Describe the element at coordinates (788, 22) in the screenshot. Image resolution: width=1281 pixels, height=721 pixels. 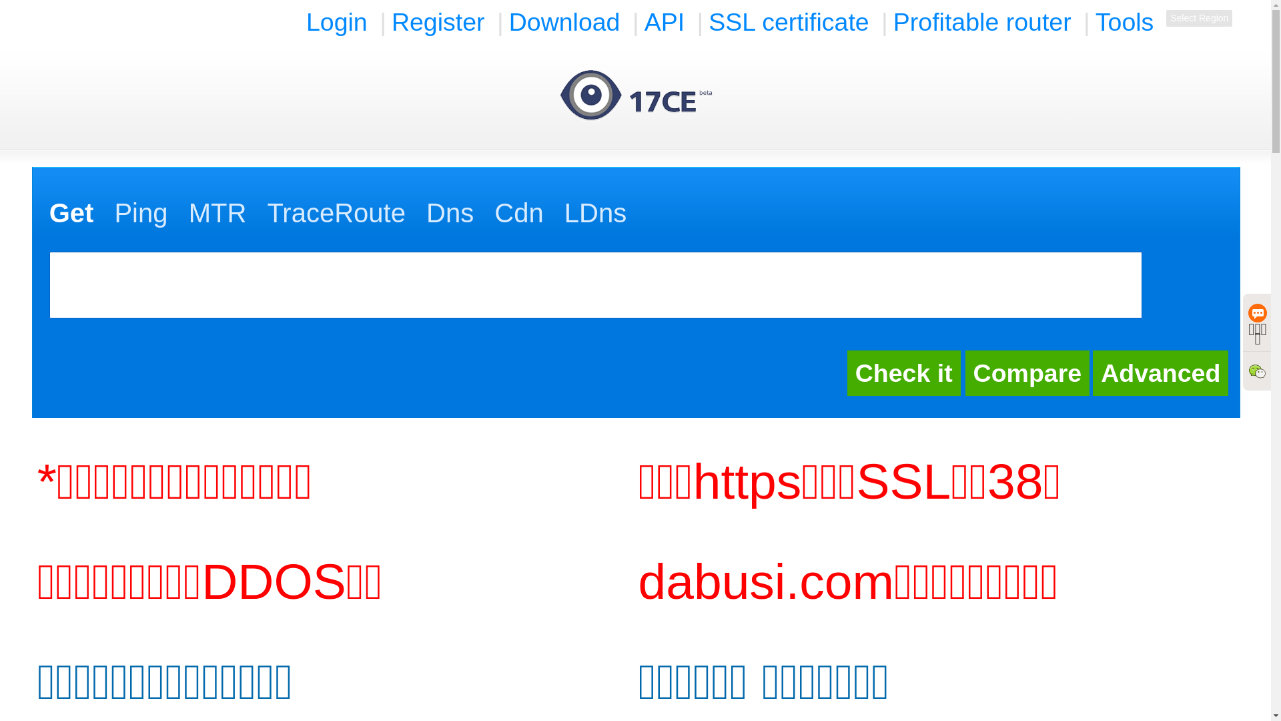
I see `'SSL certificate'` at that location.